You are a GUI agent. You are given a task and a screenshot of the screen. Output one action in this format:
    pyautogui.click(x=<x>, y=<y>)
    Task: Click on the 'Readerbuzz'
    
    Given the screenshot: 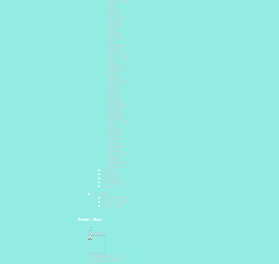 What is the action you would take?
    pyautogui.click(x=97, y=233)
    